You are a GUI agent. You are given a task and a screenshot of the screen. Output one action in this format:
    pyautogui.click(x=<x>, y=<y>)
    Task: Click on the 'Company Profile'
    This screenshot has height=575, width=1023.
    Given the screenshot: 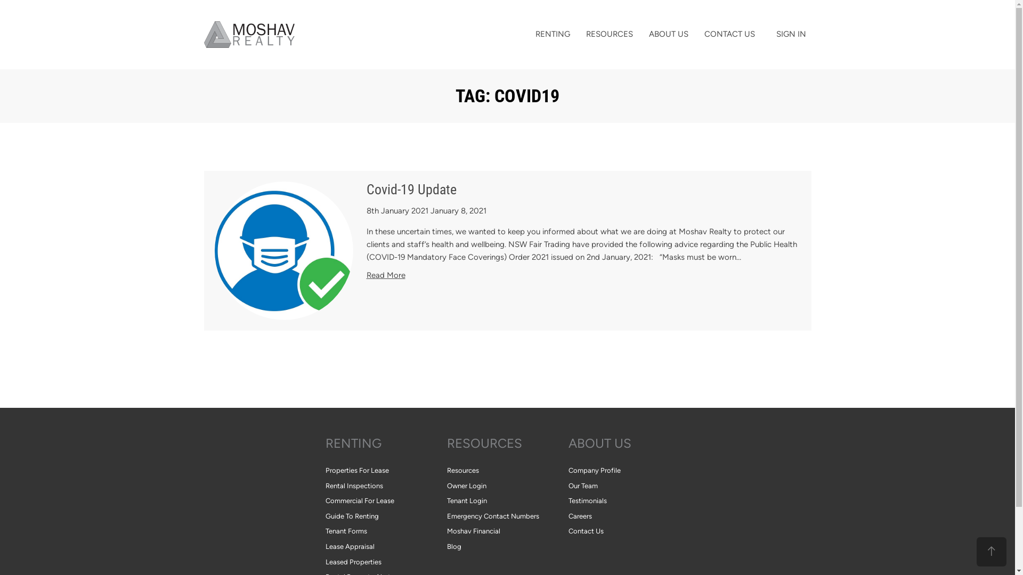 What is the action you would take?
    pyautogui.click(x=567, y=470)
    